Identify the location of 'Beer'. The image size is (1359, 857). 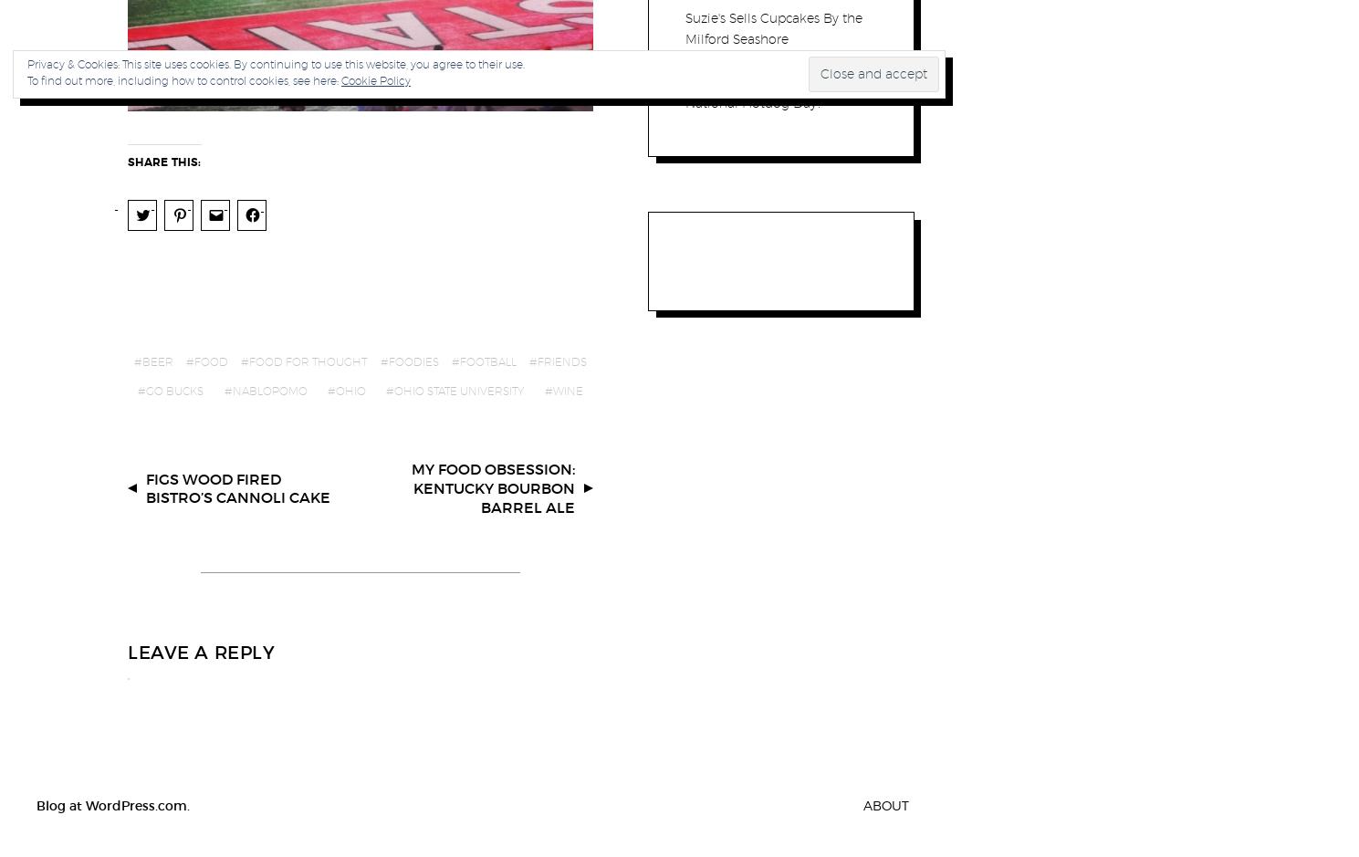
(142, 361).